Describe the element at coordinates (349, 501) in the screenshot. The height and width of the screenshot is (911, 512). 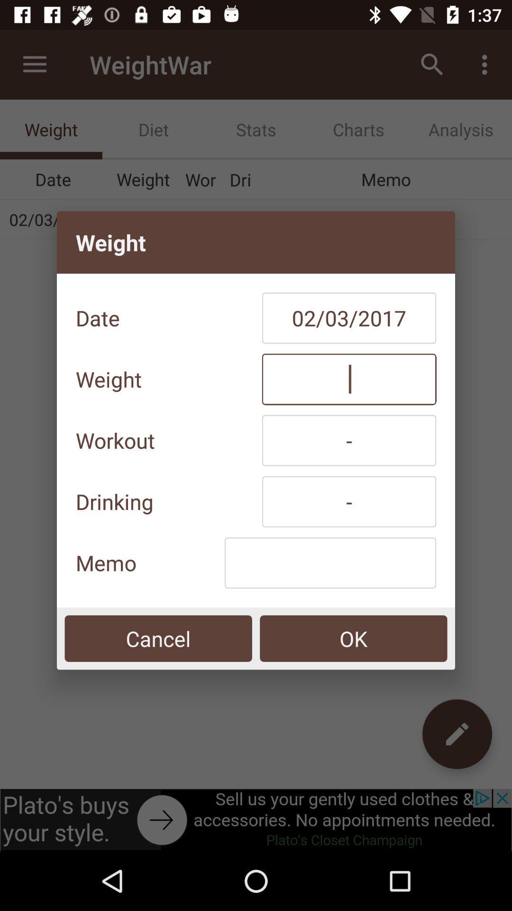
I see `icon next to the drinking` at that location.